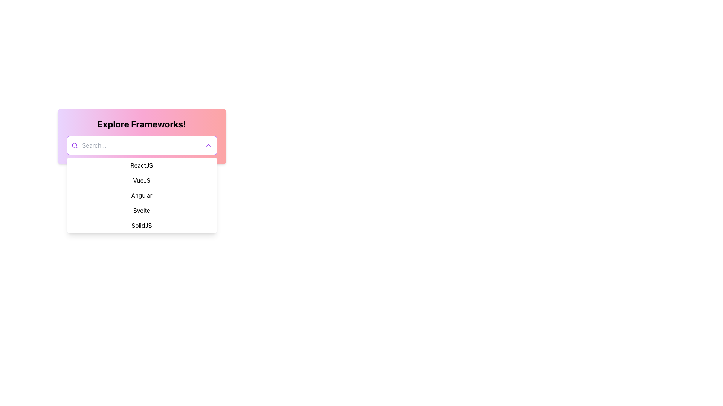  Describe the element at coordinates (142, 210) in the screenshot. I see `the selectable list item for 'Svelte' in the dropdown menu, which is the fourth item in the list` at that location.